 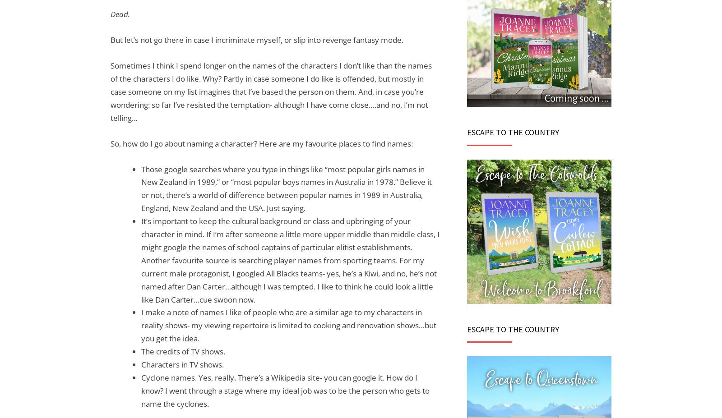 I want to click on 'Sometimes I think I spend longer on the names of the characters I don’t like than the names of the characters I do like. Why? Partly in case someone I do like is offended, but mostly in case someone on my list imagines that I’ve based the person on them. And, in case you’re wondering: so far I’ve resisted the temptation- although I have come close….and no, I’m not telling…', so click(x=270, y=92).